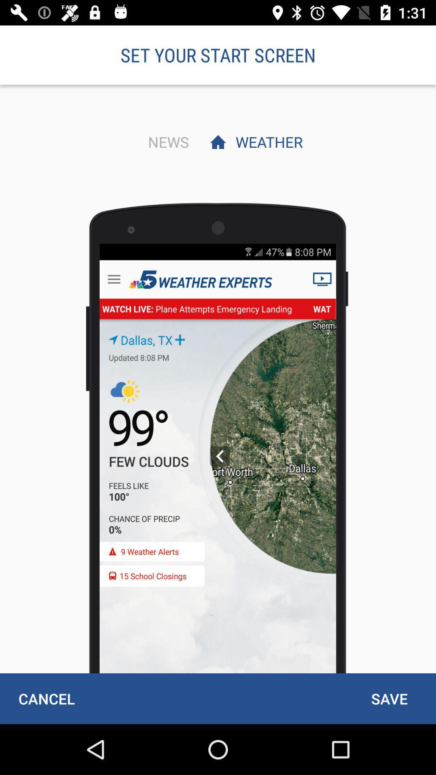 This screenshot has height=775, width=436. What do you see at coordinates (166, 142) in the screenshot?
I see `the item to the left of weather item` at bounding box center [166, 142].